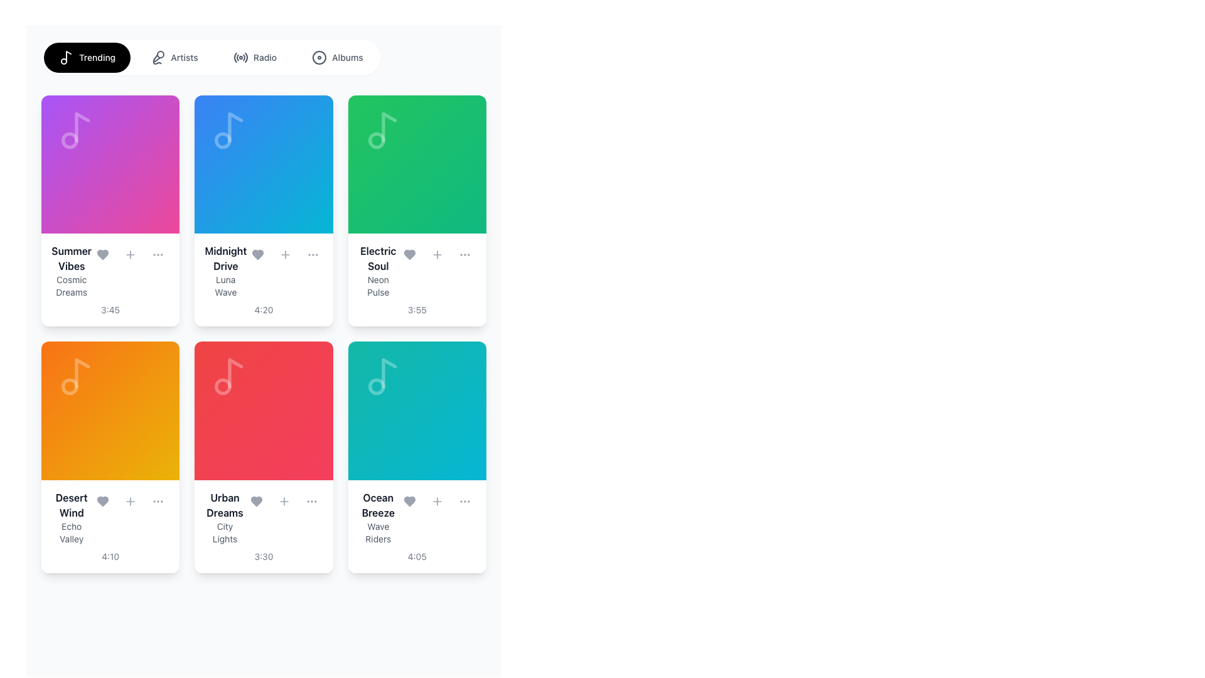 This screenshot has height=678, width=1205. What do you see at coordinates (103, 500) in the screenshot?
I see `the heart-shaped icon button located` at bounding box center [103, 500].